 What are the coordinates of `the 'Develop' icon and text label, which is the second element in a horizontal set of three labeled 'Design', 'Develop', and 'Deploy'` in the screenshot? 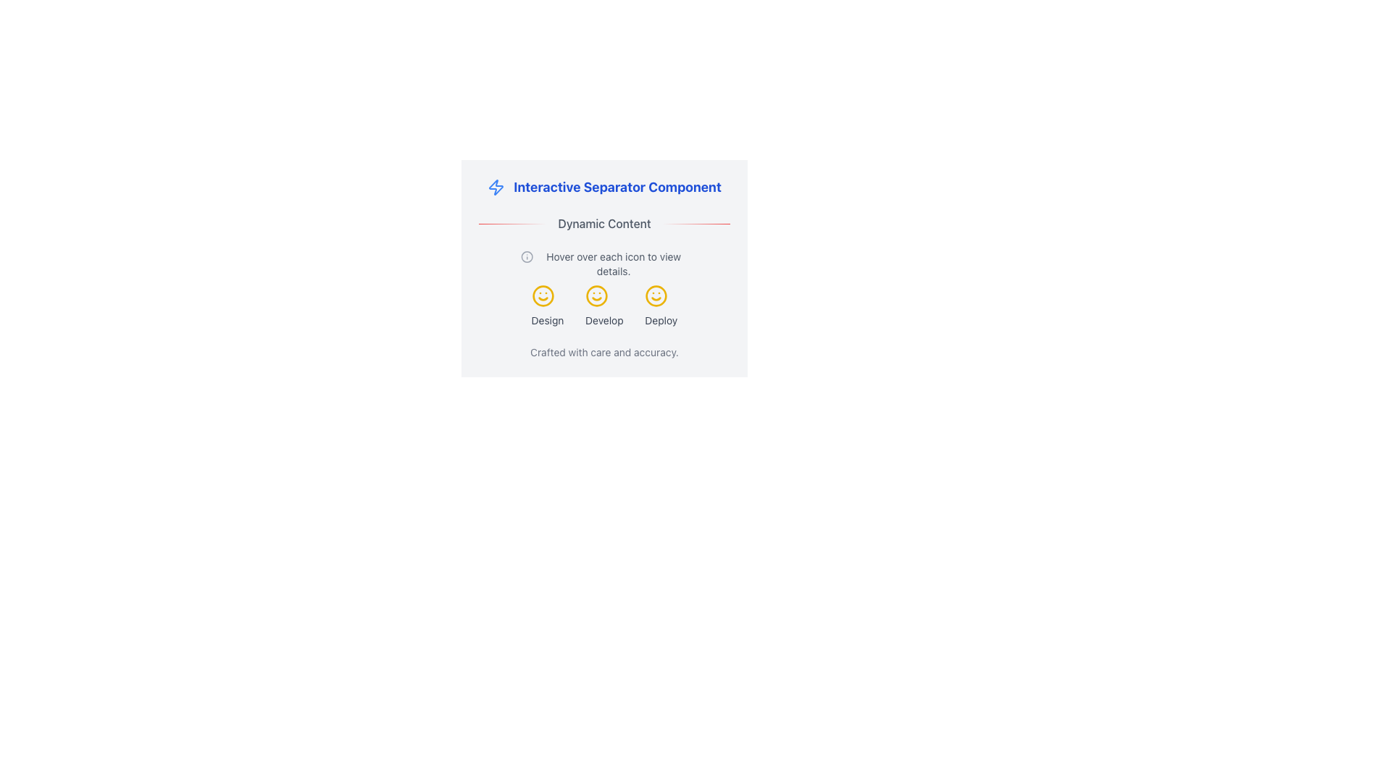 It's located at (604, 306).